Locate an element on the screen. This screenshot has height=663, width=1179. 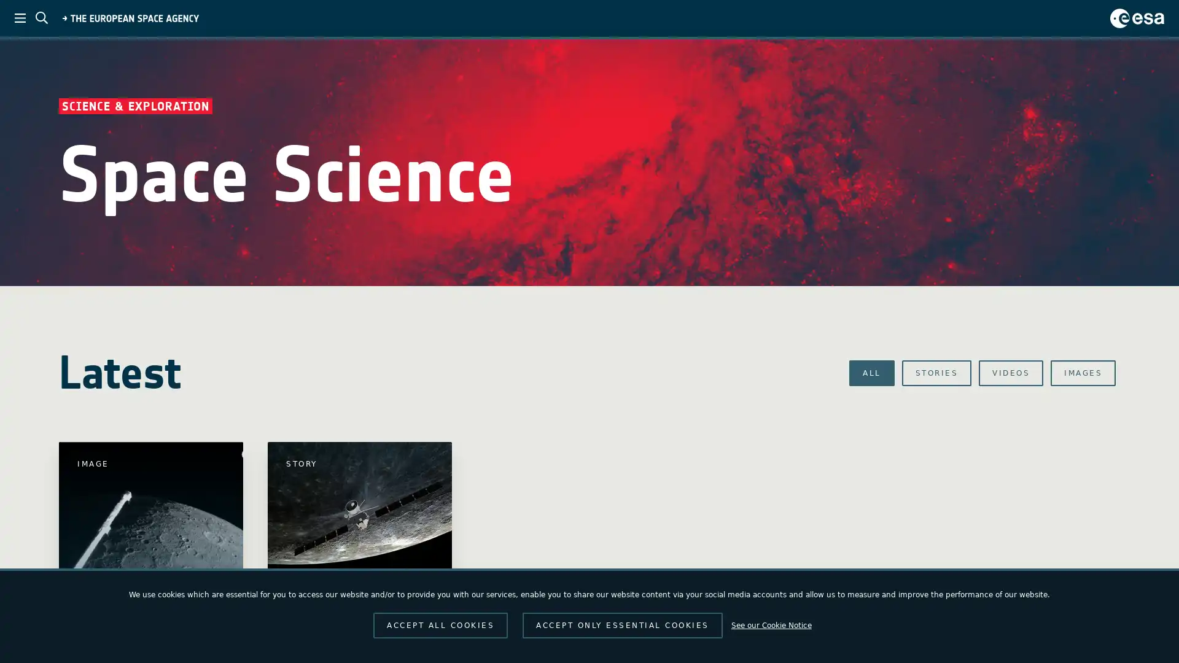
VIDEOS is located at coordinates (1011, 371).